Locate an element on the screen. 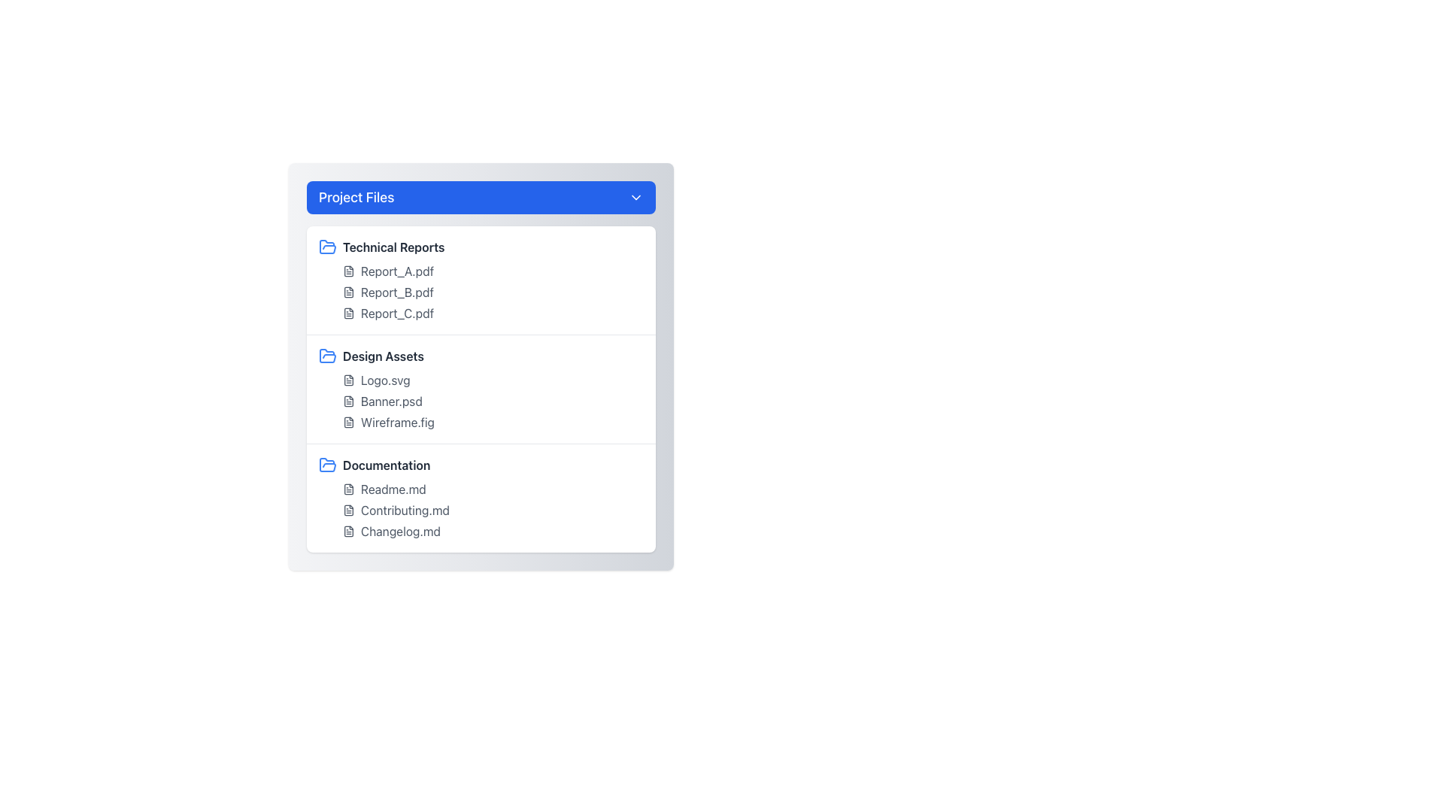  the blue outlined open folder icon that precedes the 'Technical Reports' text, which is part of a list of resources in a card-like interface is located at coordinates (327, 464).